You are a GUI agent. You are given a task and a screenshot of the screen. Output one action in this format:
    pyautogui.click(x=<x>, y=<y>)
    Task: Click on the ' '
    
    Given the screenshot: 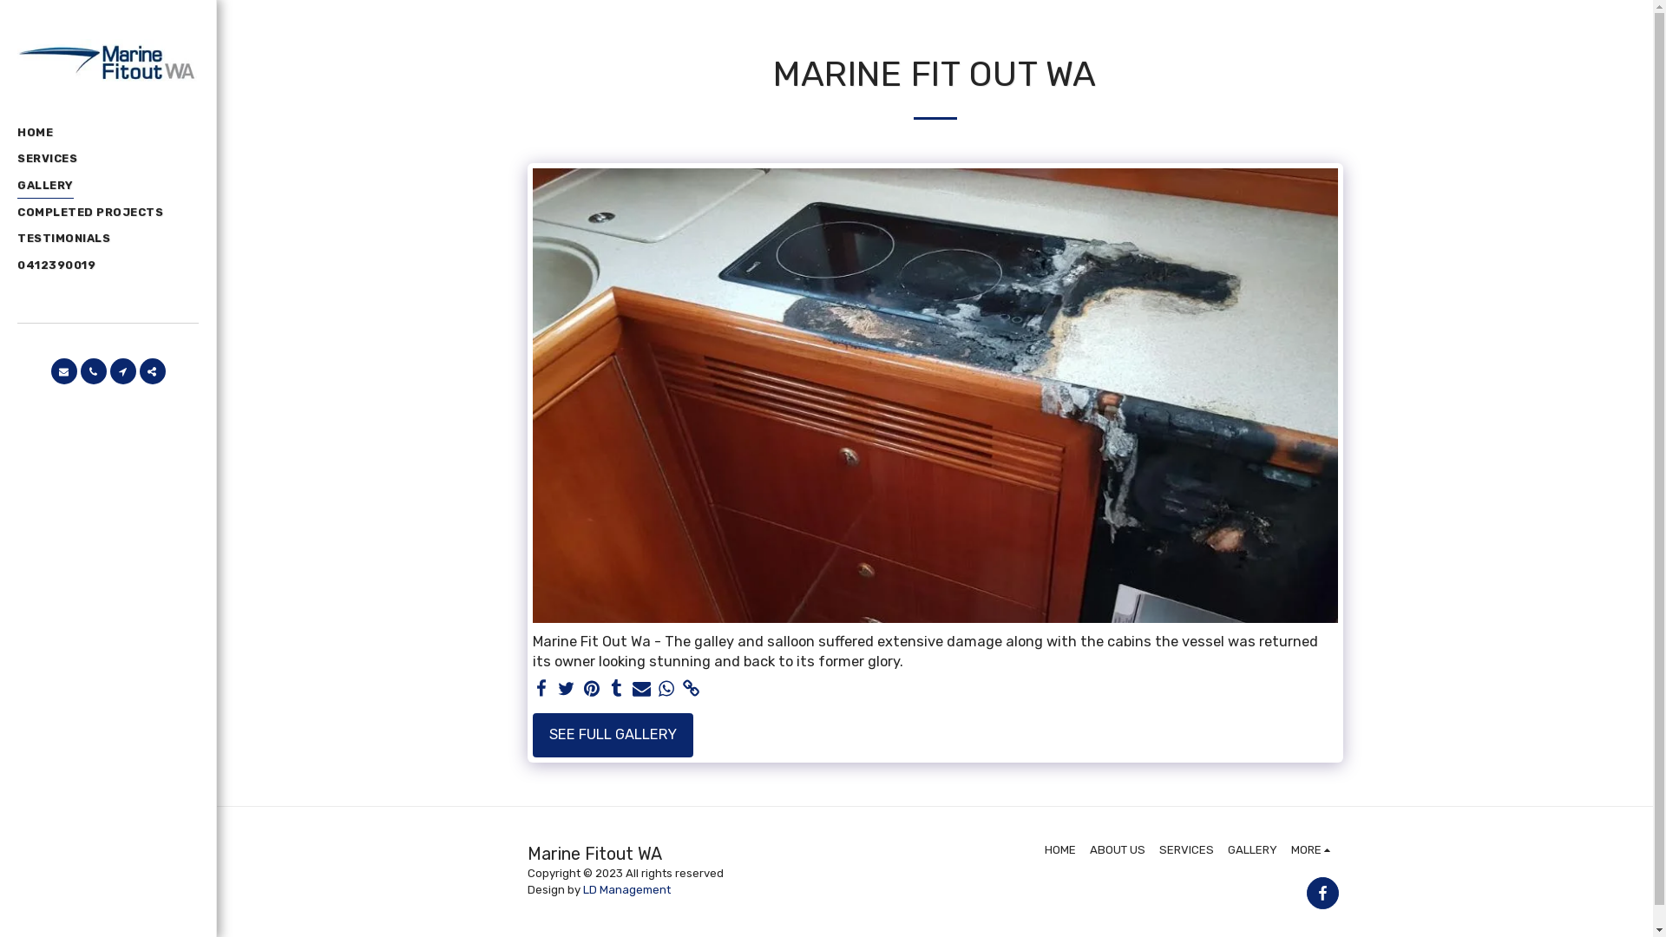 What is the action you would take?
    pyautogui.click(x=640, y=688)
    